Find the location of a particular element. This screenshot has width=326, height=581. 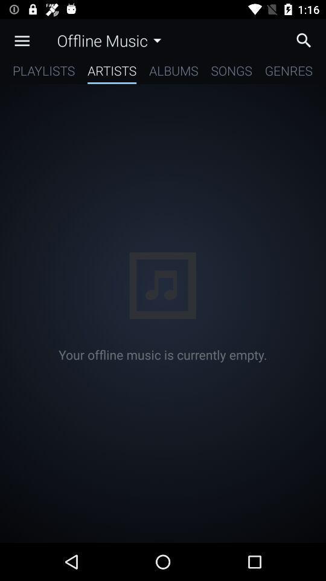

the artists app is located at coordinates (112, 73).